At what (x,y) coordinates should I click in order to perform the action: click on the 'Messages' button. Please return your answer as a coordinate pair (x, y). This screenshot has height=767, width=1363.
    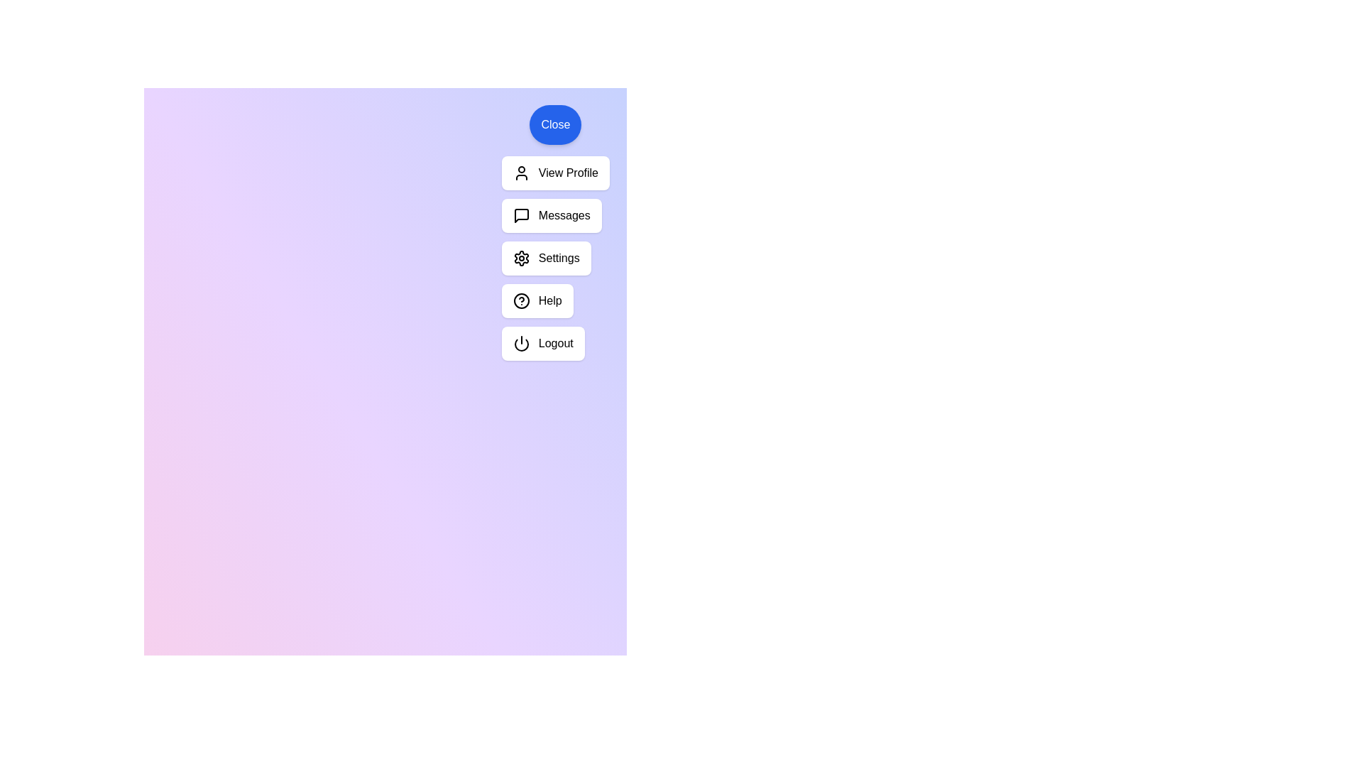
    Looking at the image, I should click on (551, 216).